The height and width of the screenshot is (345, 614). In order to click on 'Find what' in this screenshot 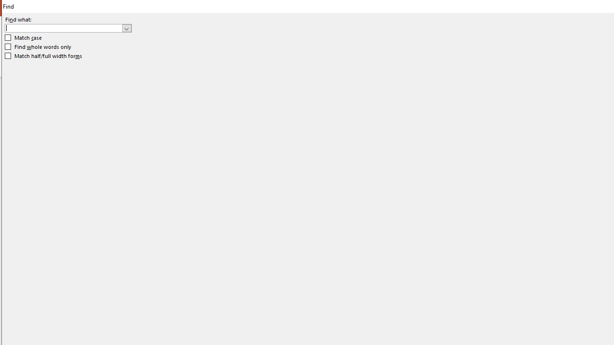, I will do `click(63, 28)`.